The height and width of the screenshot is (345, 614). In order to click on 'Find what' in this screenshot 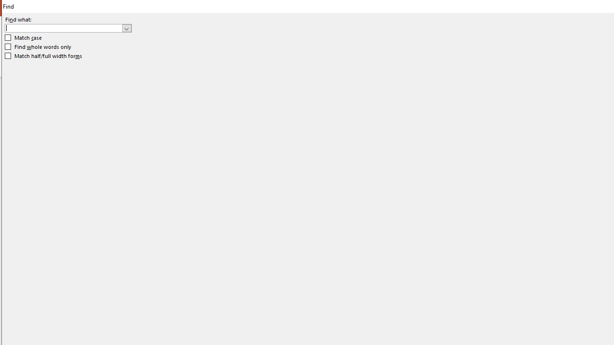, I will do `click(63, 28)`.